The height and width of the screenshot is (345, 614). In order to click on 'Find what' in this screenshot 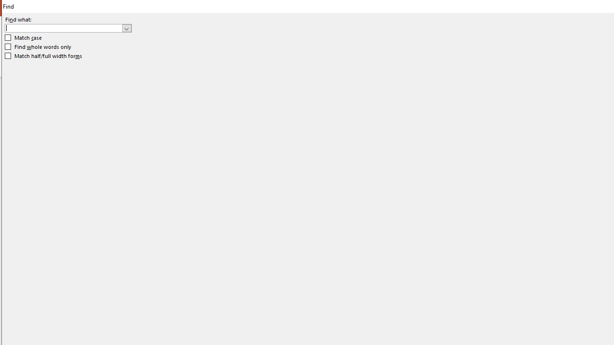, I will do `click(63, 28)`.